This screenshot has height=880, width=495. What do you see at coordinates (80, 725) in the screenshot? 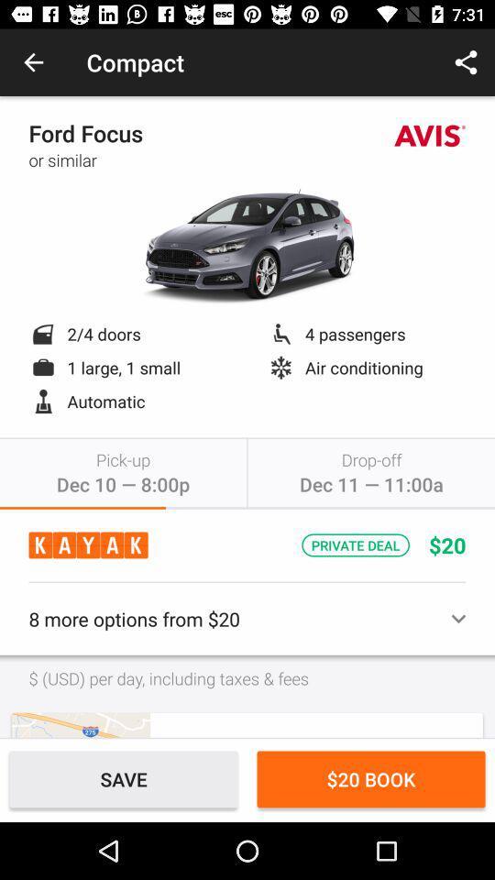
I see `directions to seller` at bounding box center [80, 725].